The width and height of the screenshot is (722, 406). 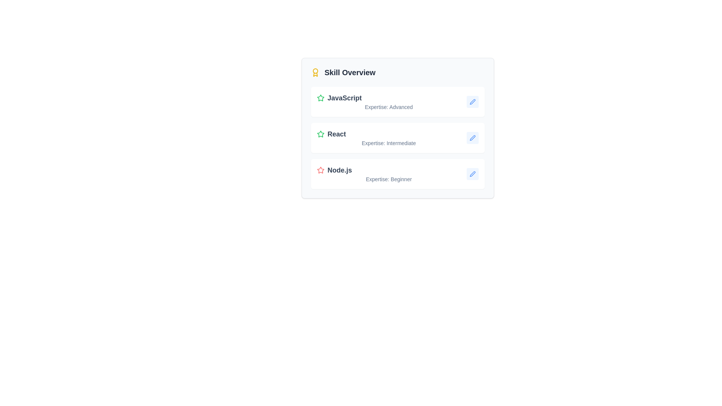 What do you see at coordinates (472, 138) in the screenshot?
I see `the blue button with a pen icon located in the 'React' section under the 'Skill Overview' panel, adjacent to the text stating 'Expertise: Intermediate', to change its background color` at bounding box center [472, 138].